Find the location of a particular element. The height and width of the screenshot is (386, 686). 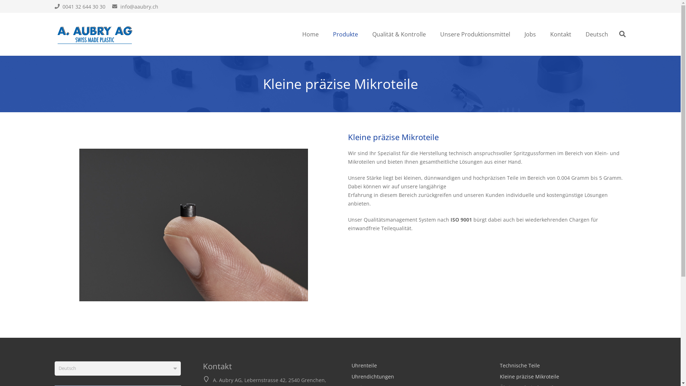

'Produkte' is located at coordinates (345, 34).